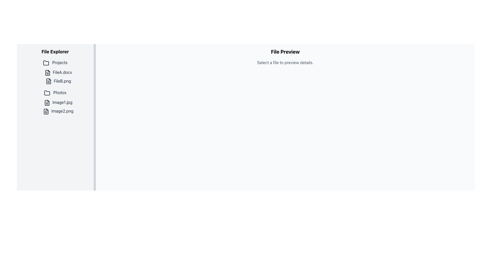  I want to click on the PNG file icon labeled 'FileB.png', so click(48, 81).